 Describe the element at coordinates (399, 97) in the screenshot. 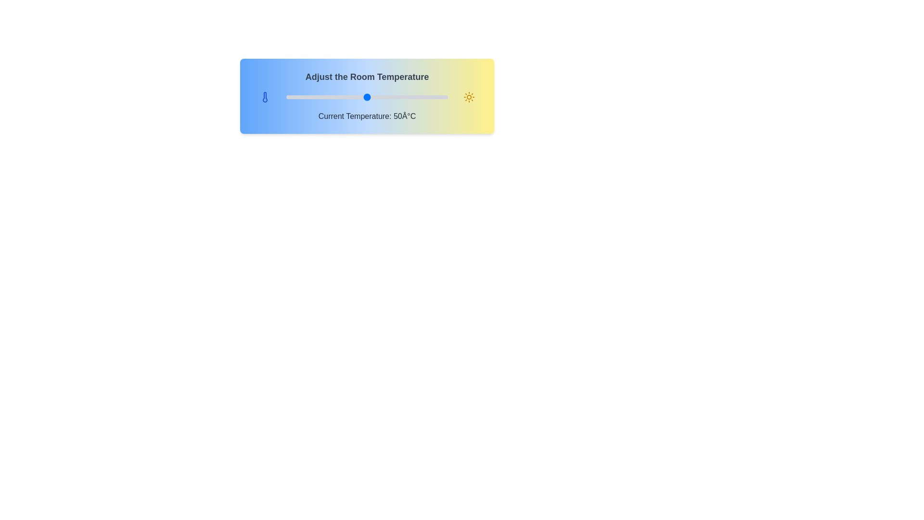

I see `the temperature slider to 70°C` at that location.